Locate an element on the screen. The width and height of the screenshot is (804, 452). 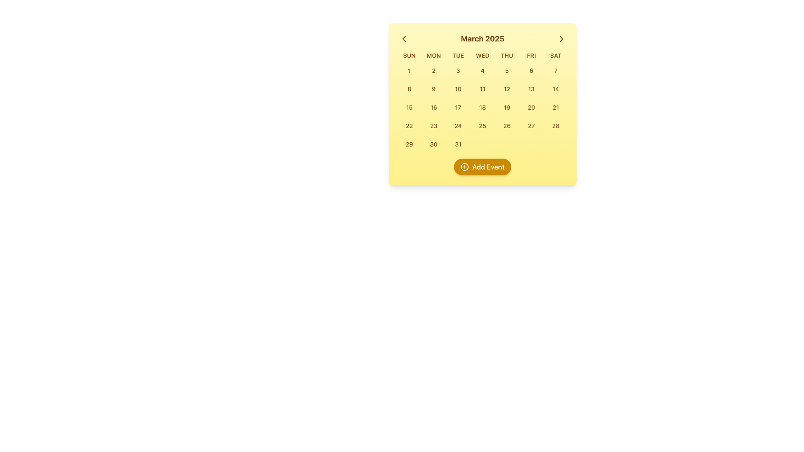
the outer circular component of the 'Add Event' button icon located at the bottom center of the yellow calendar interface is located at coordinates (464, 167).